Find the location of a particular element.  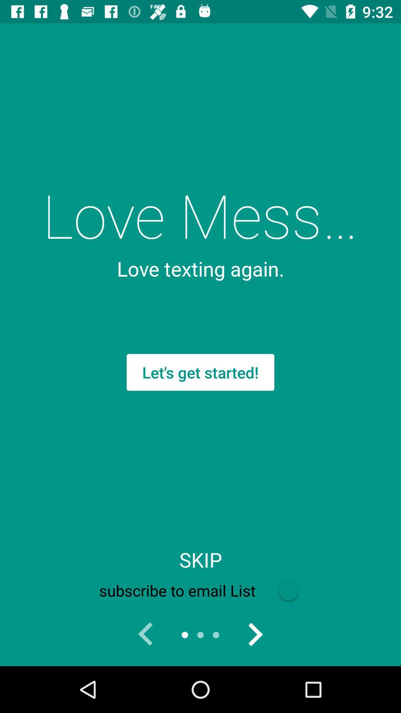

subscribe to email item is located at coordinates (200, 590).